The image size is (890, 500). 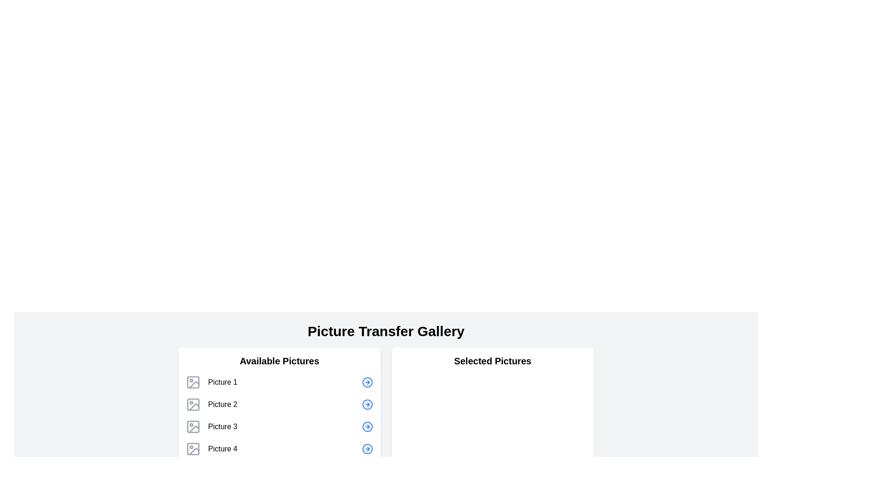 What do you see at coordinates (367, 448) in the screenshot?
I see `the vector graphic embedded in the icon located in the rightmost column of icons in the 'Available Pictures' section, next to 'Picture 4'` at bounding box center [367, 448].